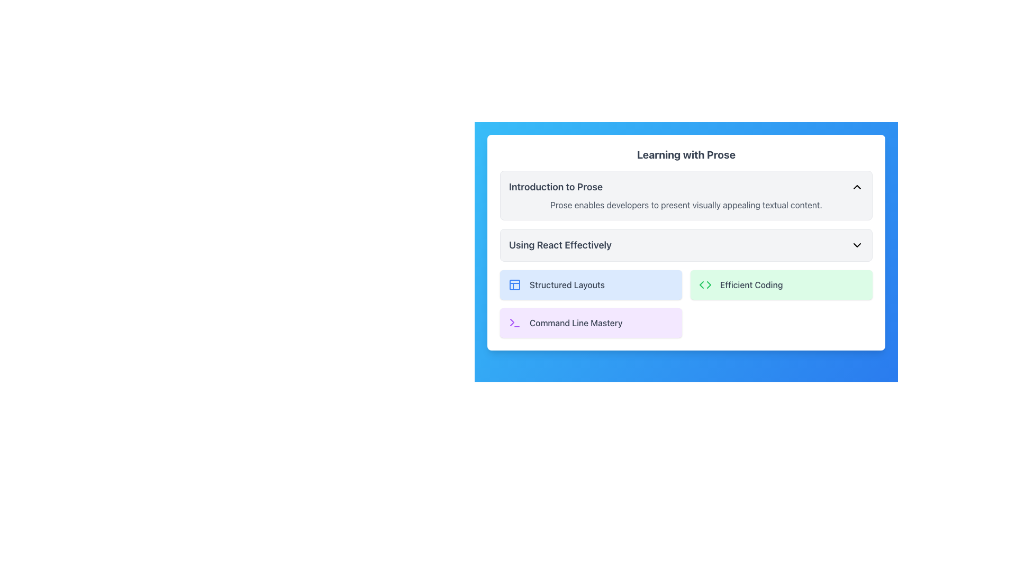  I want to click on the dropdown menu labeled 'Using React Effectively', so click(686, 245).